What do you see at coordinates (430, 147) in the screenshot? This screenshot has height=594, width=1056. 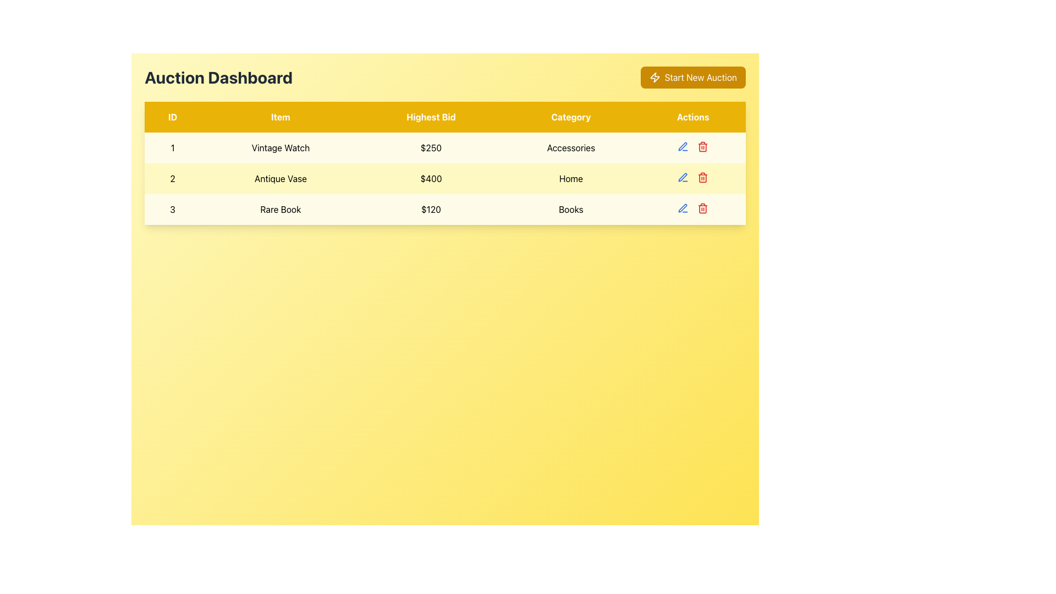 I see `the Text Display showing '$250' in the 'Highest Bid' column of the table, which has a light yellow background and is centered in the first row` at bounding box center [430, 147].